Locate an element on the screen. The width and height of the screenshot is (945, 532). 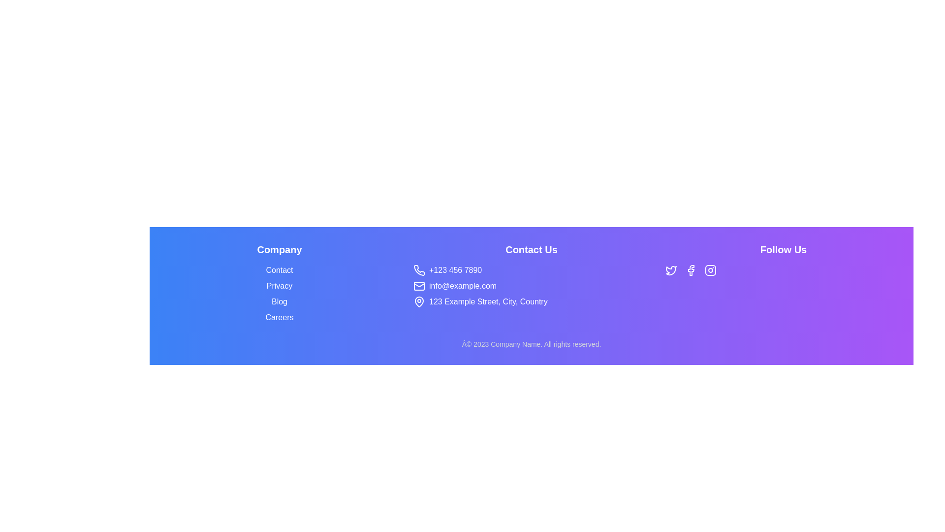
the 'Blog' link in the 'Company' list located in the footer to trigger underlining is located at coordinates (279, 301).